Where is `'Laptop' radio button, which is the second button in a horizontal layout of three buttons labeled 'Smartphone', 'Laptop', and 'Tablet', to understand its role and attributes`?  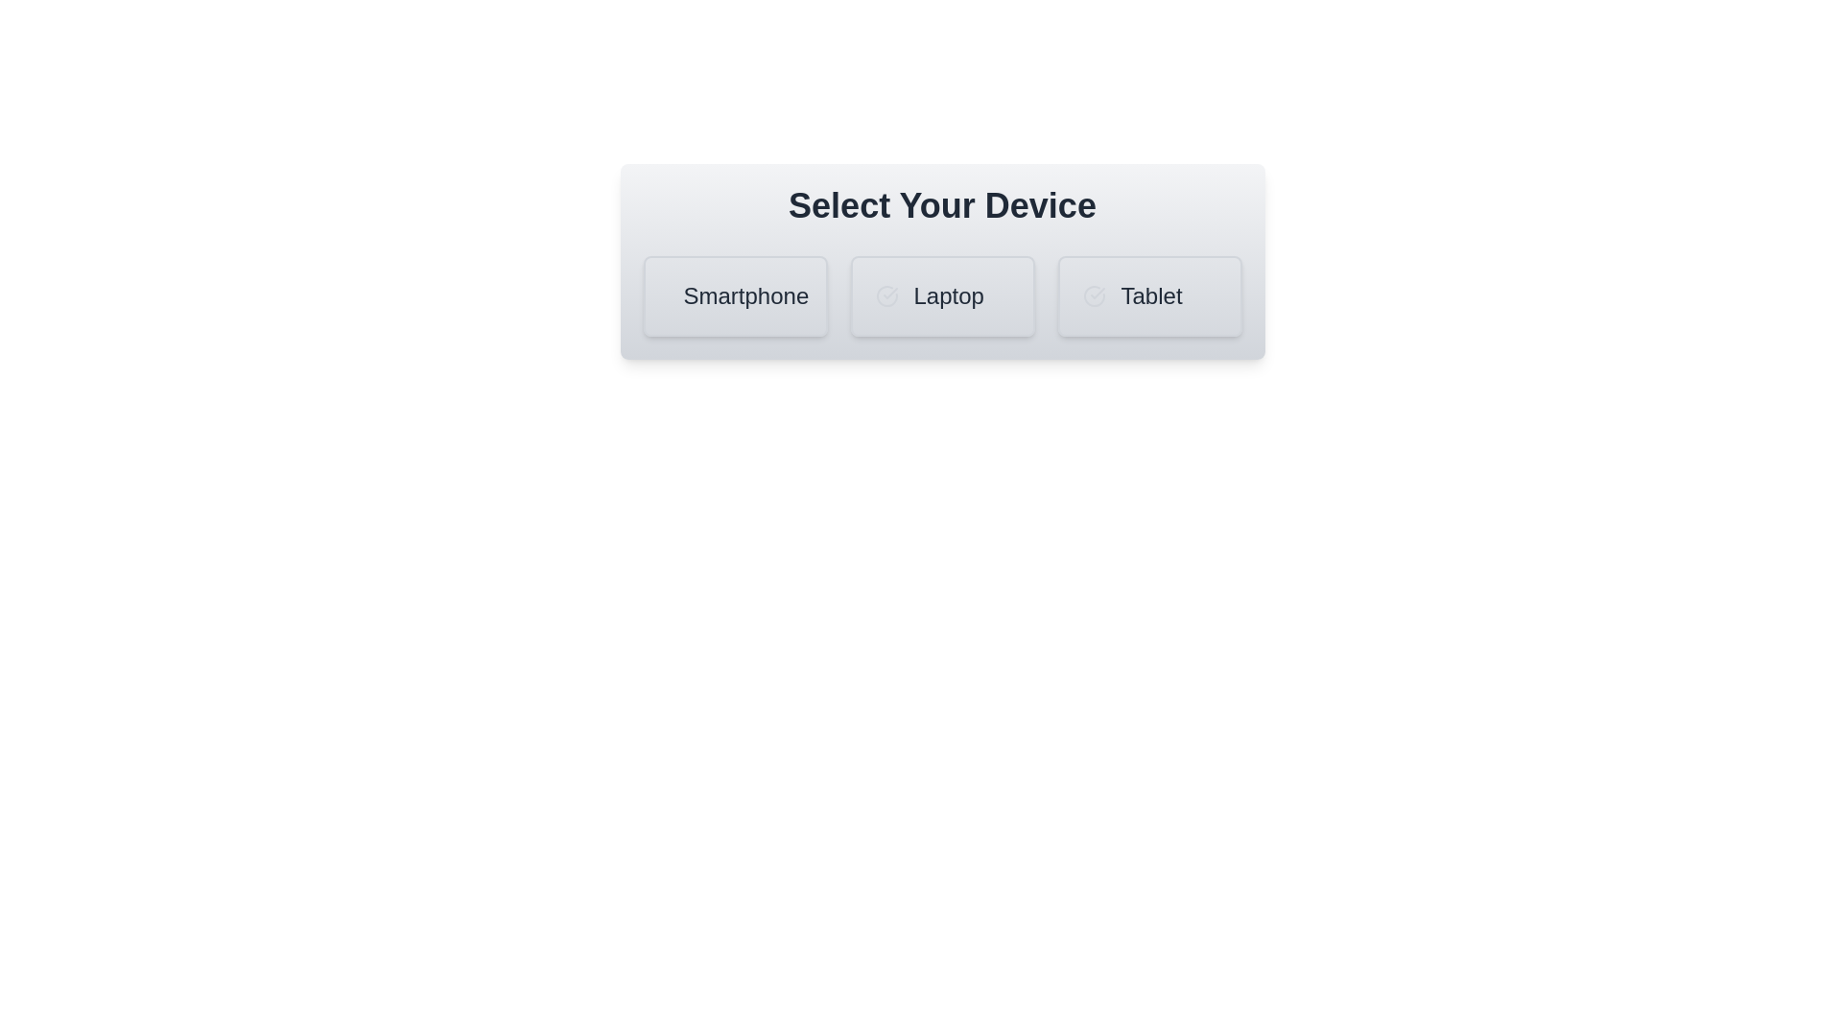 'Laptop' radio button, which is the second button in a horizontal layout of three buttons labeled 'Smartphone', 'Laptop', and 'Tablet', to understand its role and attributes is located at coordinates (942, 262).